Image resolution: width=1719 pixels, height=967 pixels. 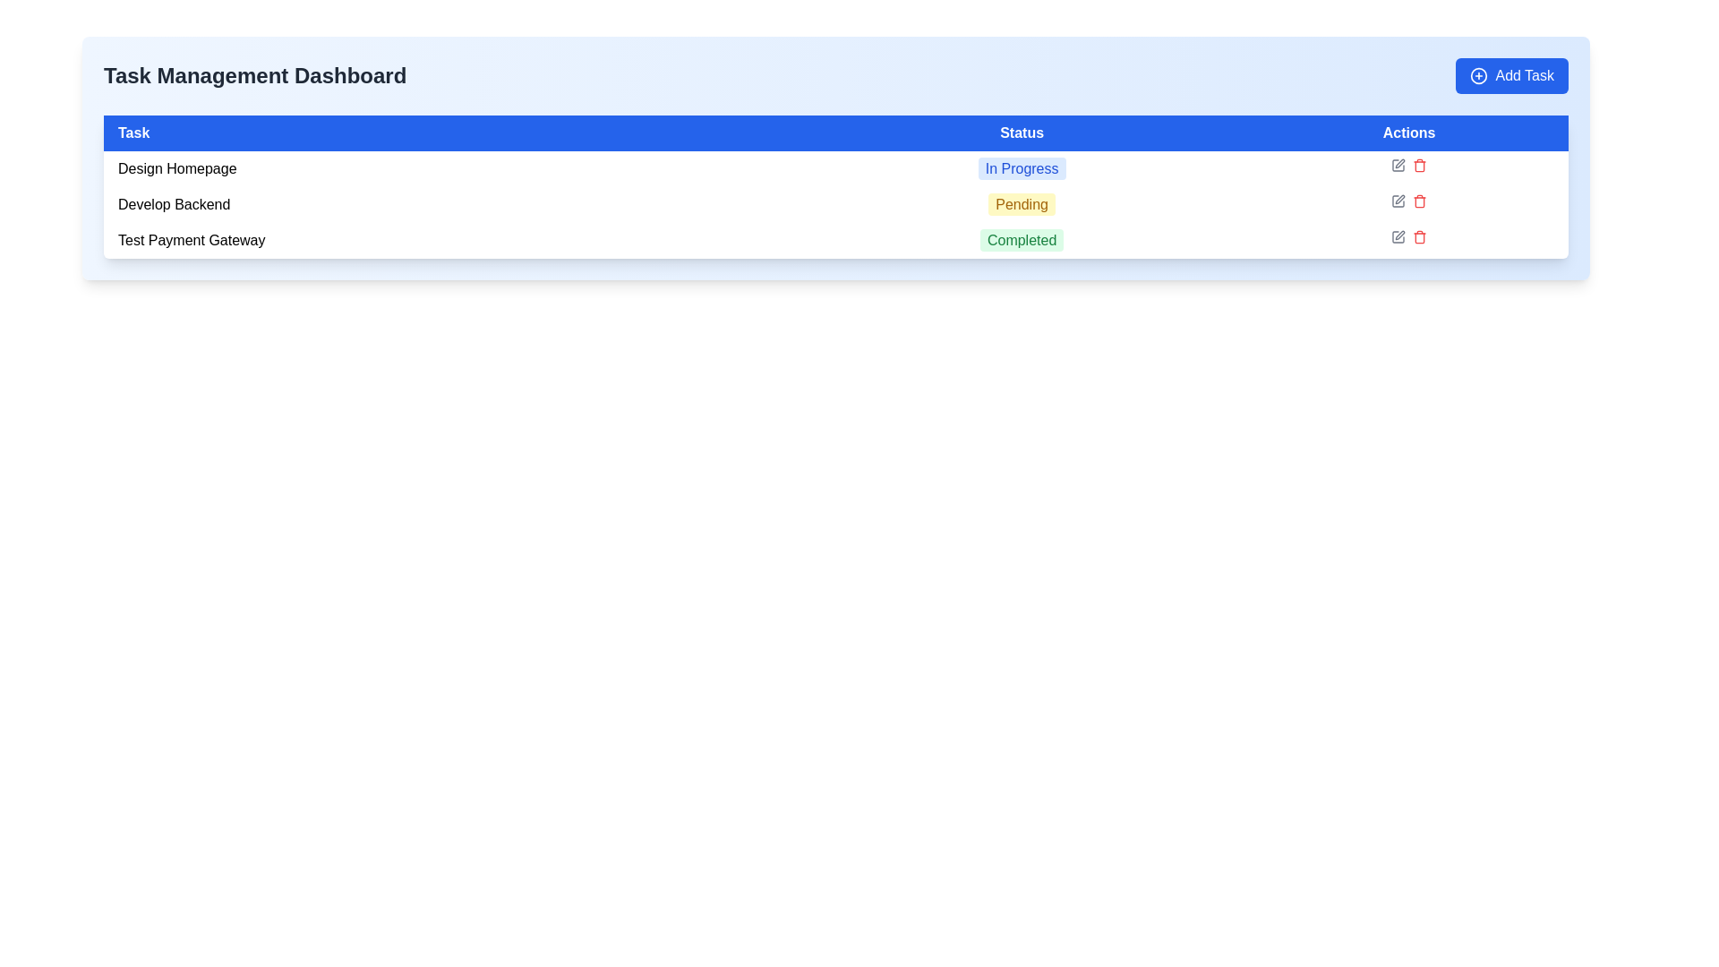 I want to click on the 'In Progress' status badge for the task 'Design Homepage' located in the second column of the status table, so click(x=1022, y=169).